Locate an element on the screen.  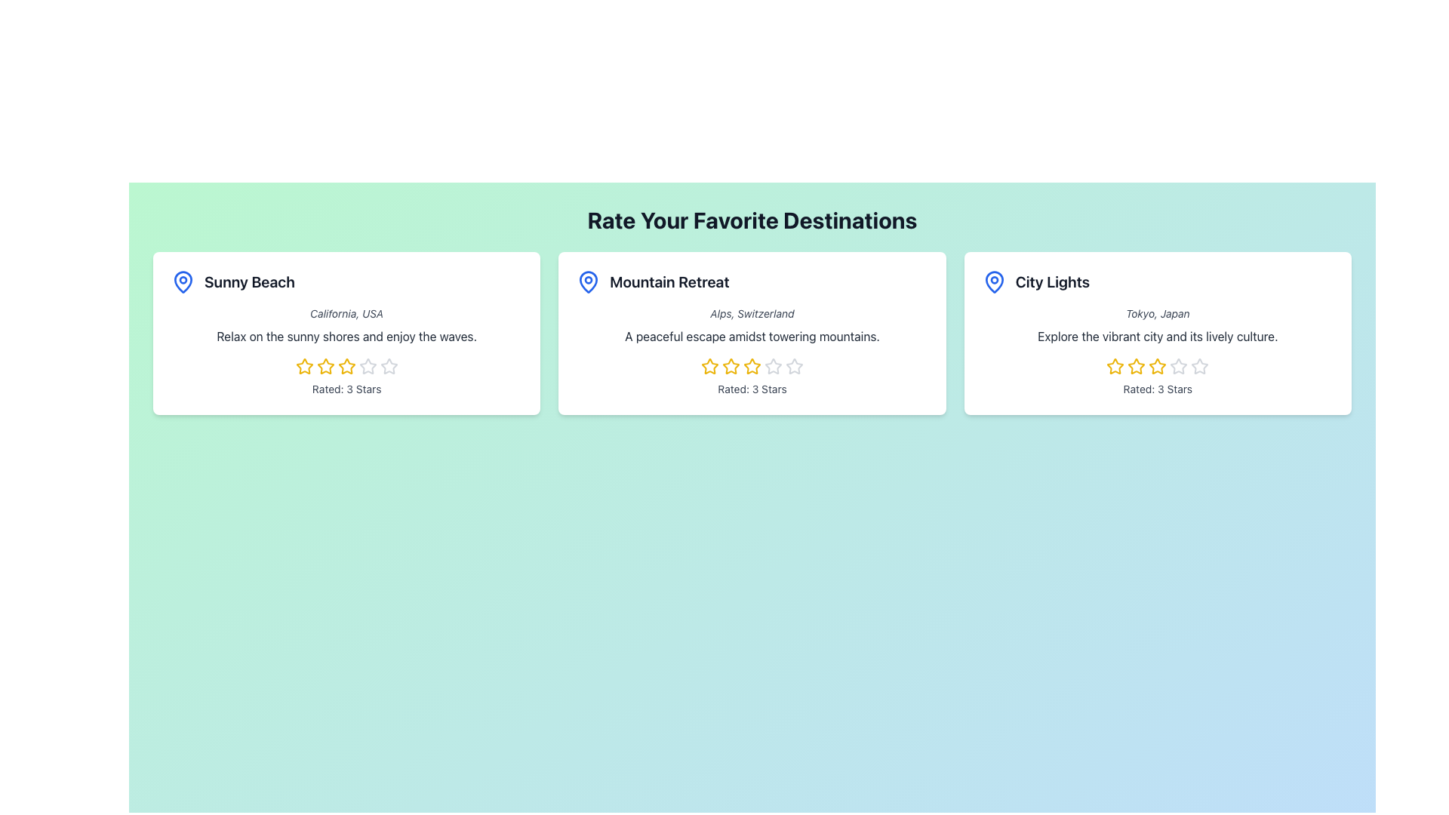
the text label that provides a descriptive summary of the 3-star rating score for the 'Mountain Retreat' destination, located in the middle section of the card below the rating stars is located at coordinates (752, 389).